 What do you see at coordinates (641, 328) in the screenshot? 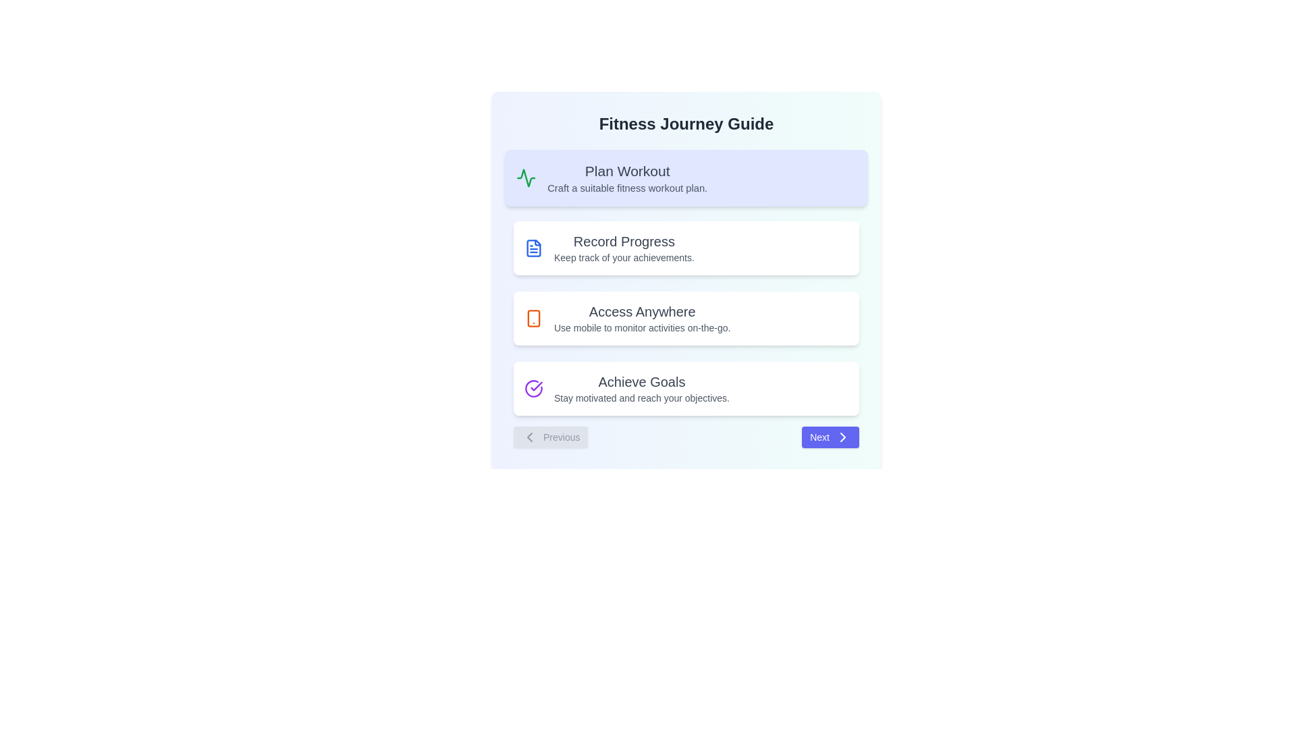
I see `the text label that says 'Use mobile to monitor activities on-the-go.', which is located below the 'Access Anywhere' header` at bounding box center [641, 328].